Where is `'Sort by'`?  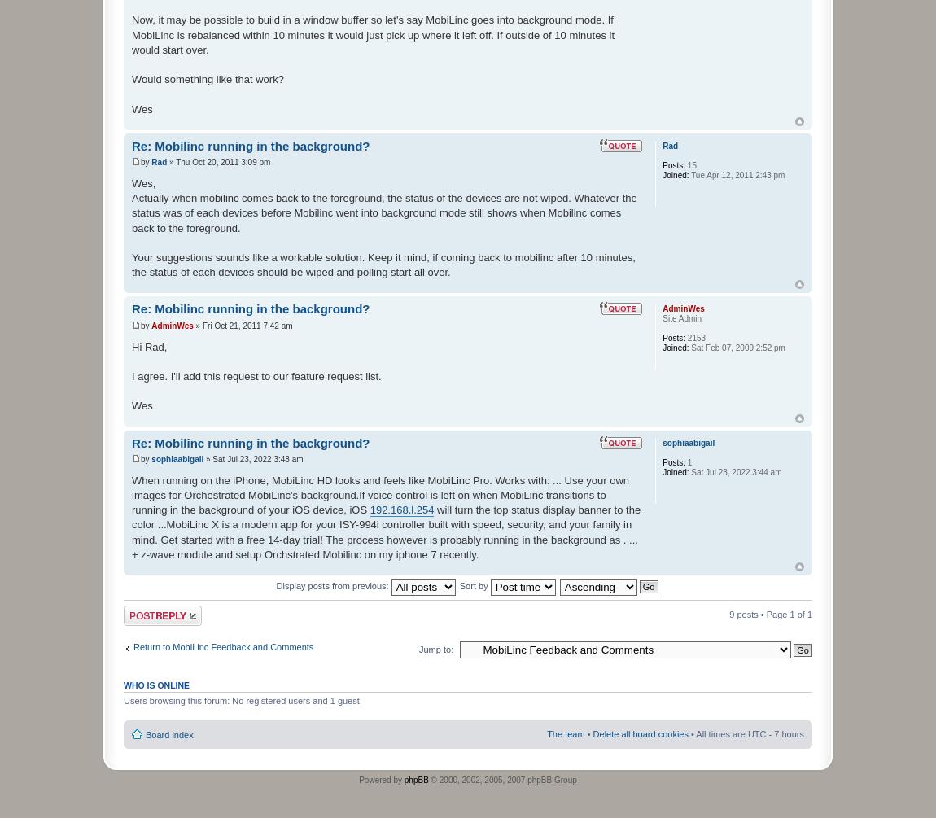
'Sort by' is located at coordinates (474, 585).